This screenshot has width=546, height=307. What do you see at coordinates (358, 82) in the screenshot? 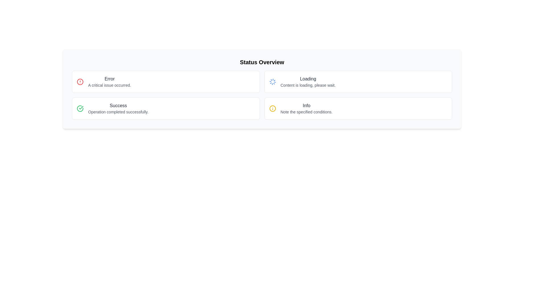
I see `status message from the Notification Card located in the top-right corner of the grid, which indicates an ongoing loading process` at bounding box center [358, 82].